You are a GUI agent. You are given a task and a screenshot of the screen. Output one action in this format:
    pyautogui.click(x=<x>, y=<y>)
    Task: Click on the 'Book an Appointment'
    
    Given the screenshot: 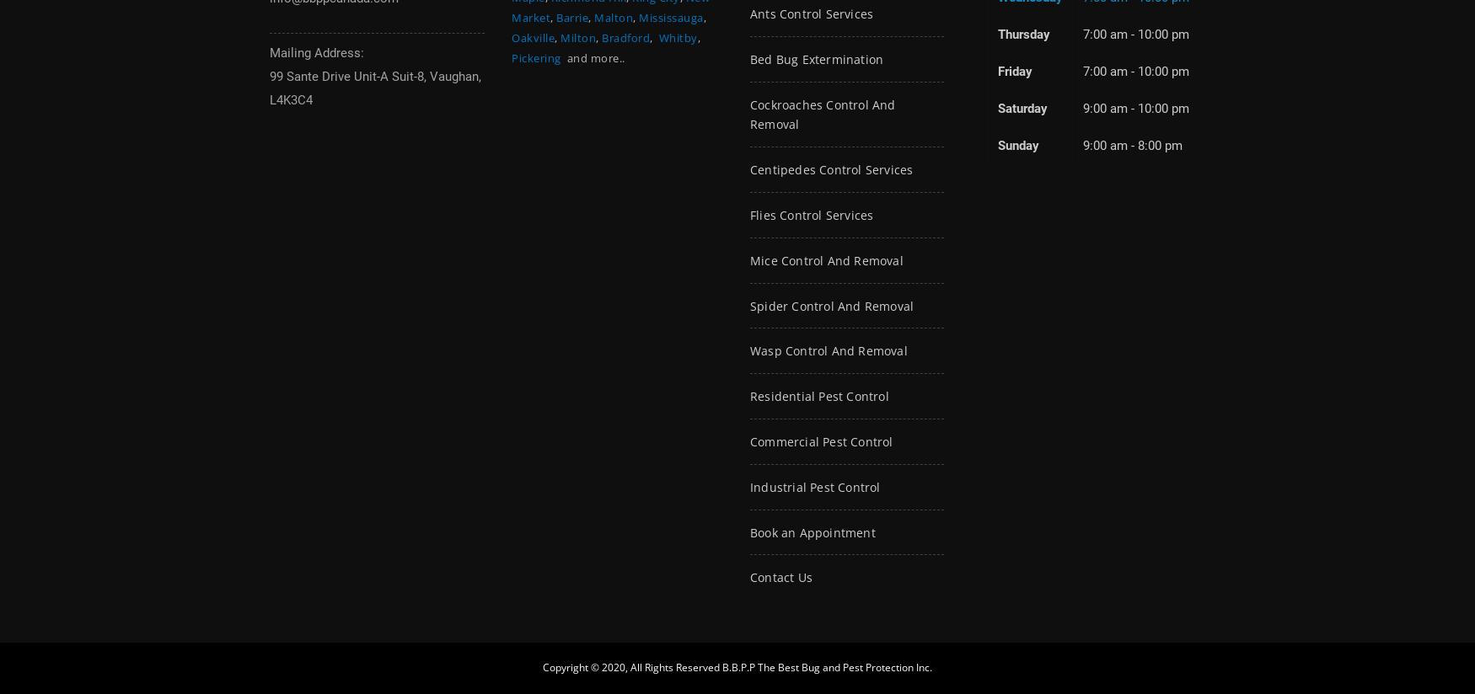 What is the action you would take?
    pyautogui.click(x=813, y=531)
    